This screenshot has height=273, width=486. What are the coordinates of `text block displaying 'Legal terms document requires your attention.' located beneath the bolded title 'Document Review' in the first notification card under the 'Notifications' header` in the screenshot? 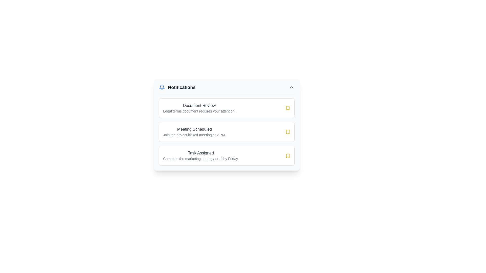 It's located at (199, 111).